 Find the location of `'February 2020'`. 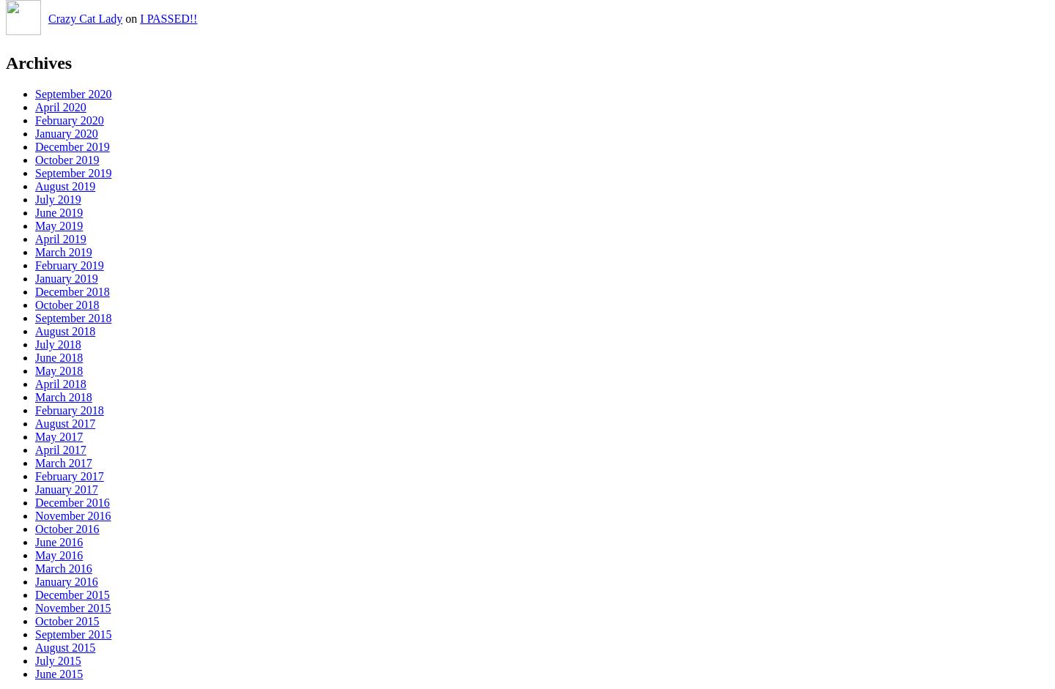

'February 2020' is located at coordinates (69, 119).